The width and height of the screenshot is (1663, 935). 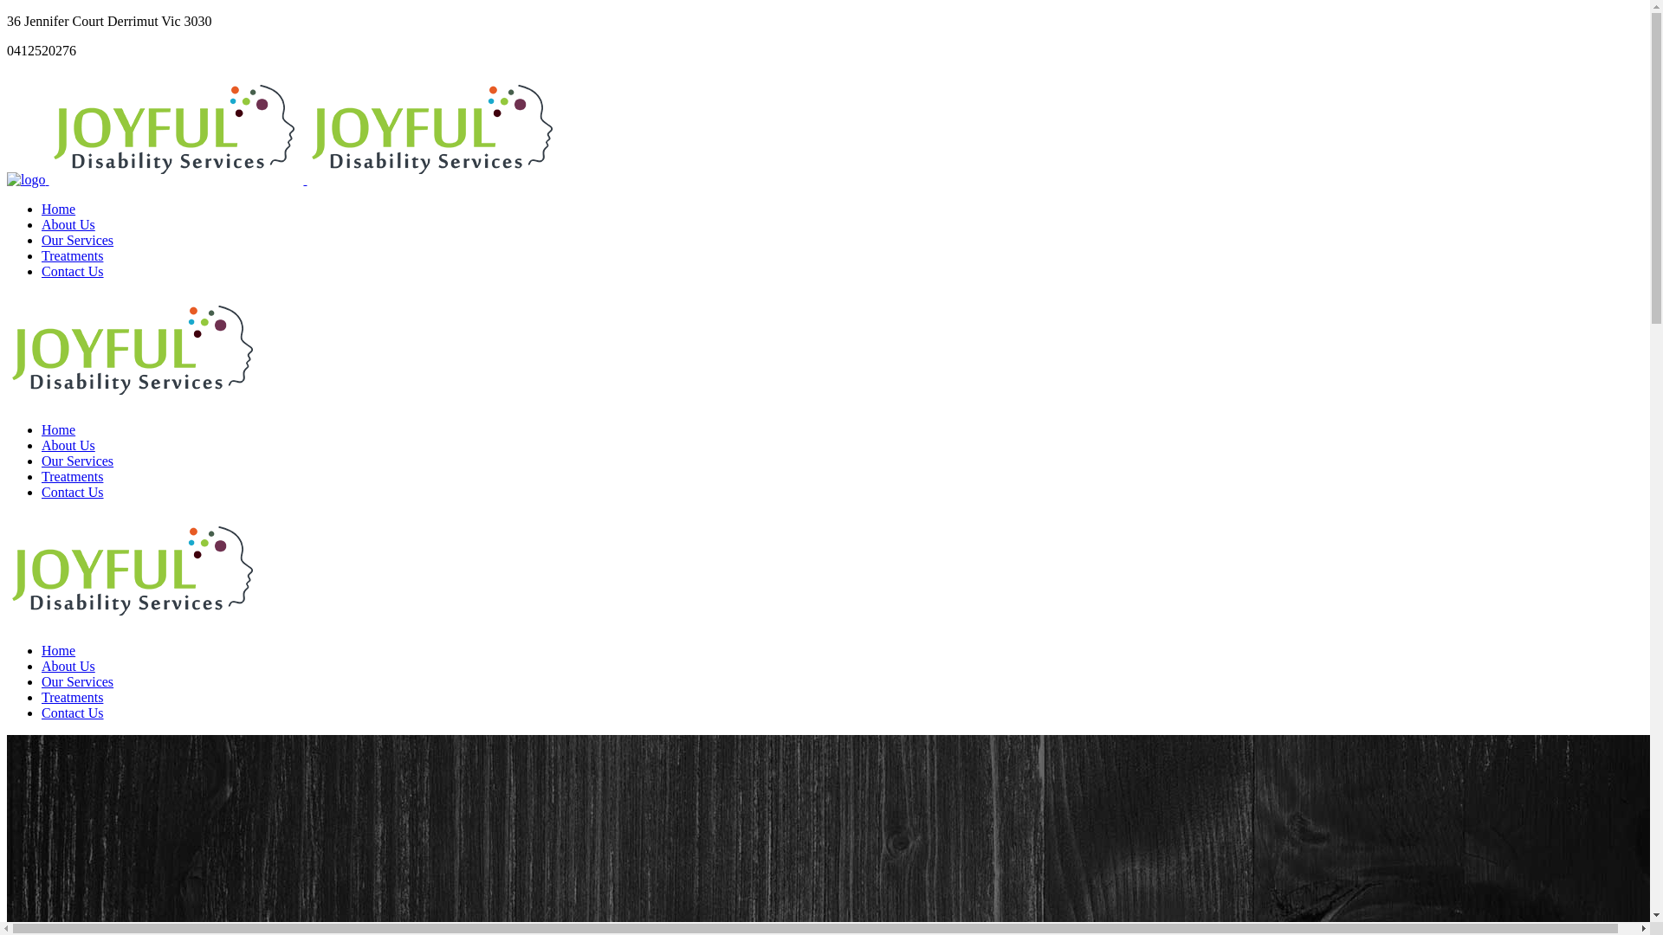 I want to click on 'About Us', so click(x=68, y=444).